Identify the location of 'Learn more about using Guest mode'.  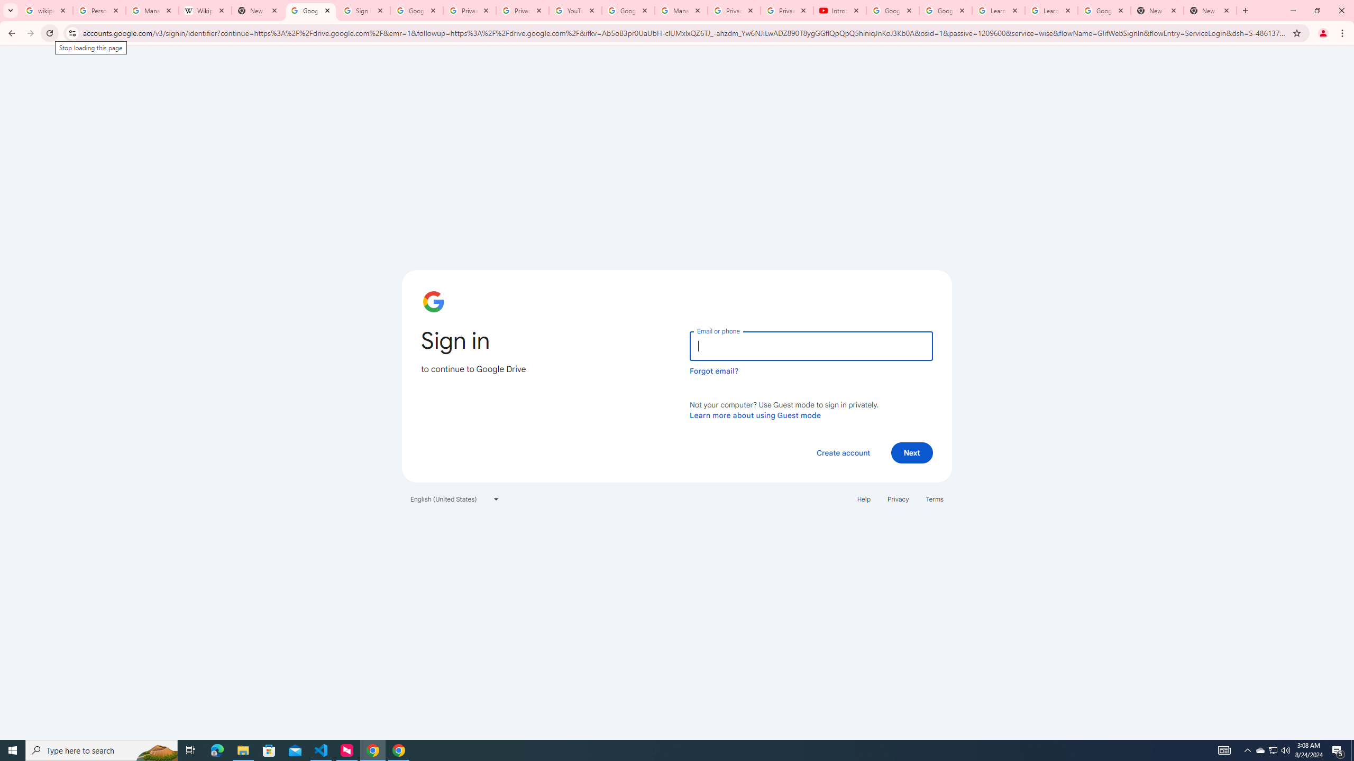
(755, 415).